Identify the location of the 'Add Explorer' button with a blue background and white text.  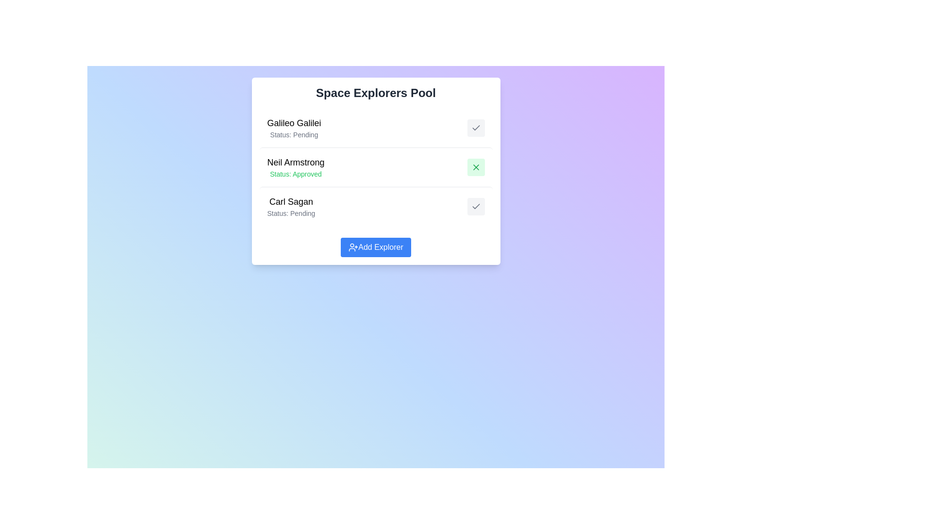
(375, 246).